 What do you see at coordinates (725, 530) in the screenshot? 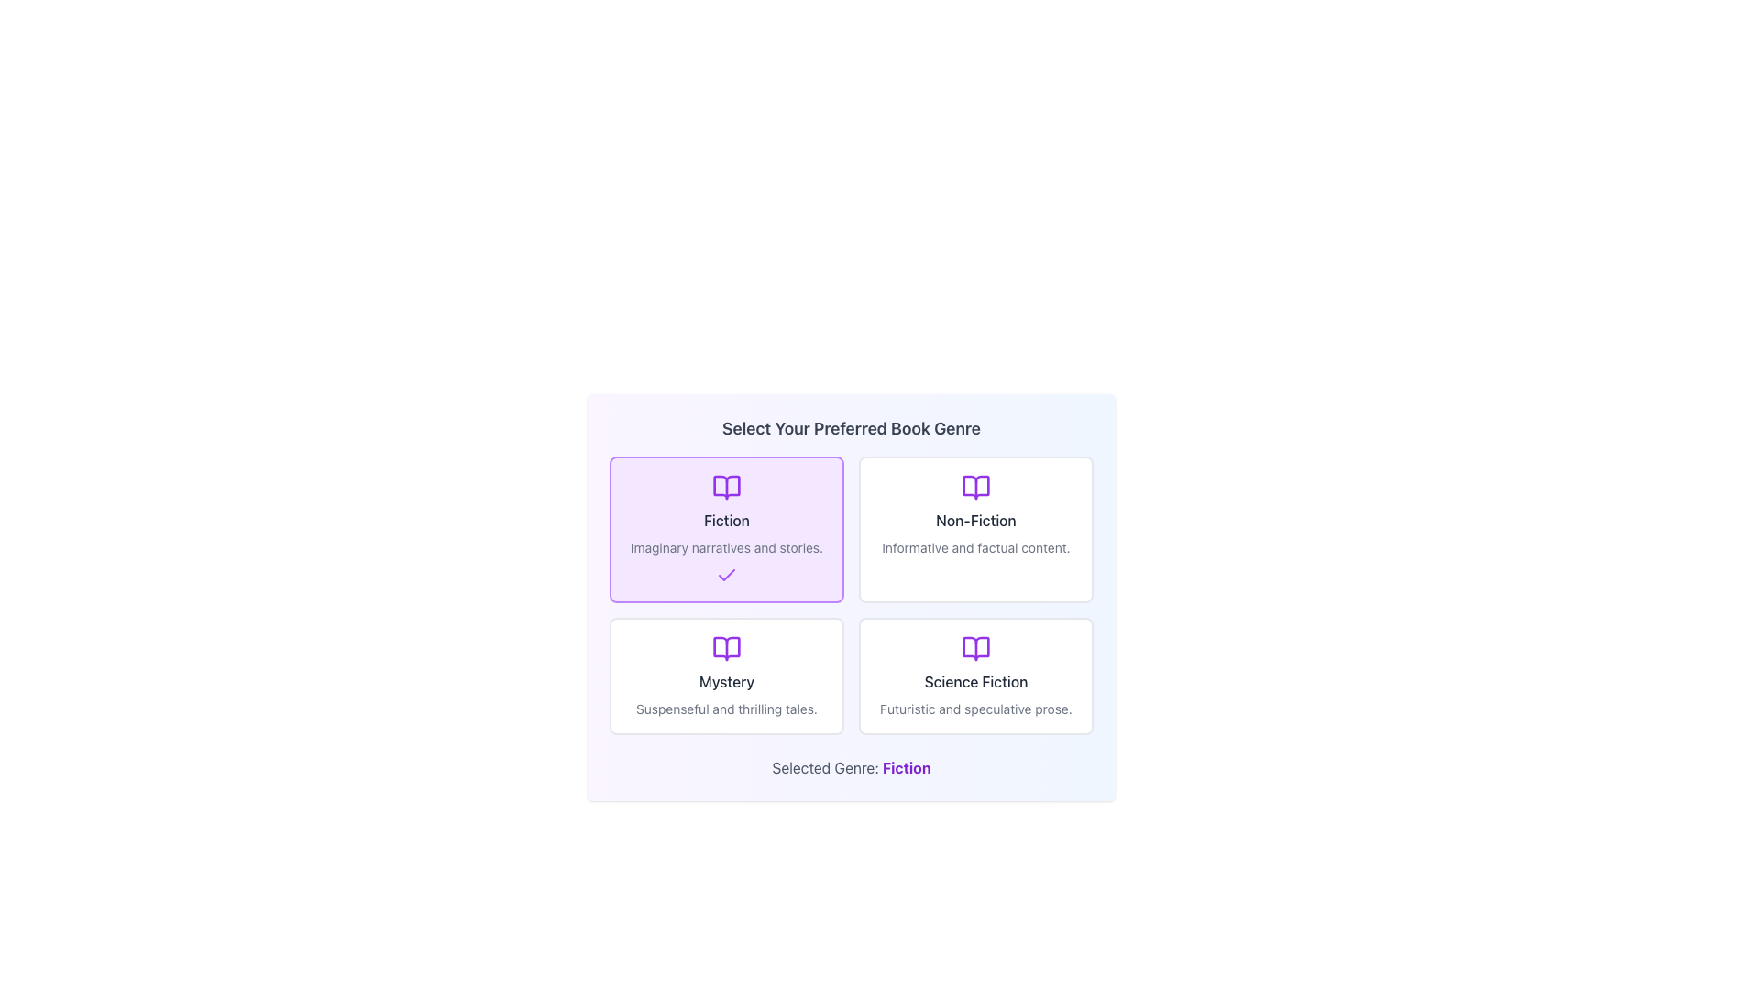
I see `the 'Fiction' selectable card with a soft purple background, which includes an open book icon, bold 'Fiction' text, and a purple checkmark icon at the bottom to confirm selection` at bounding box center [725, 530].